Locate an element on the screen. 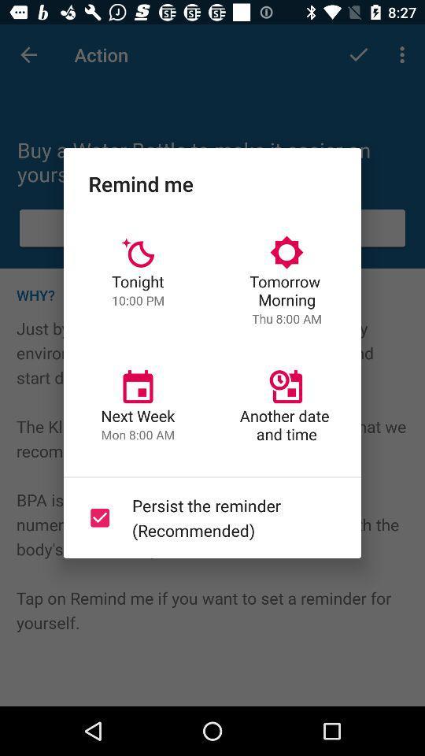 Image resolution: width=425 pixels, height=756 pixels. the persist the reminder item is located at coordinates (209, 517).